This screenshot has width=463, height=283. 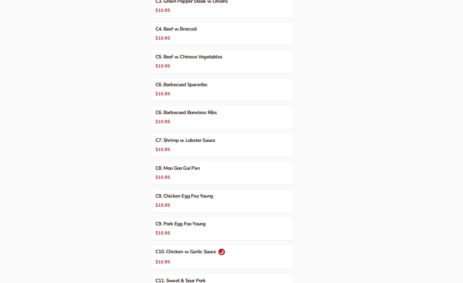 I want to click on 'C9. Pork Egg Foo Young', so click(x=180, y=224).